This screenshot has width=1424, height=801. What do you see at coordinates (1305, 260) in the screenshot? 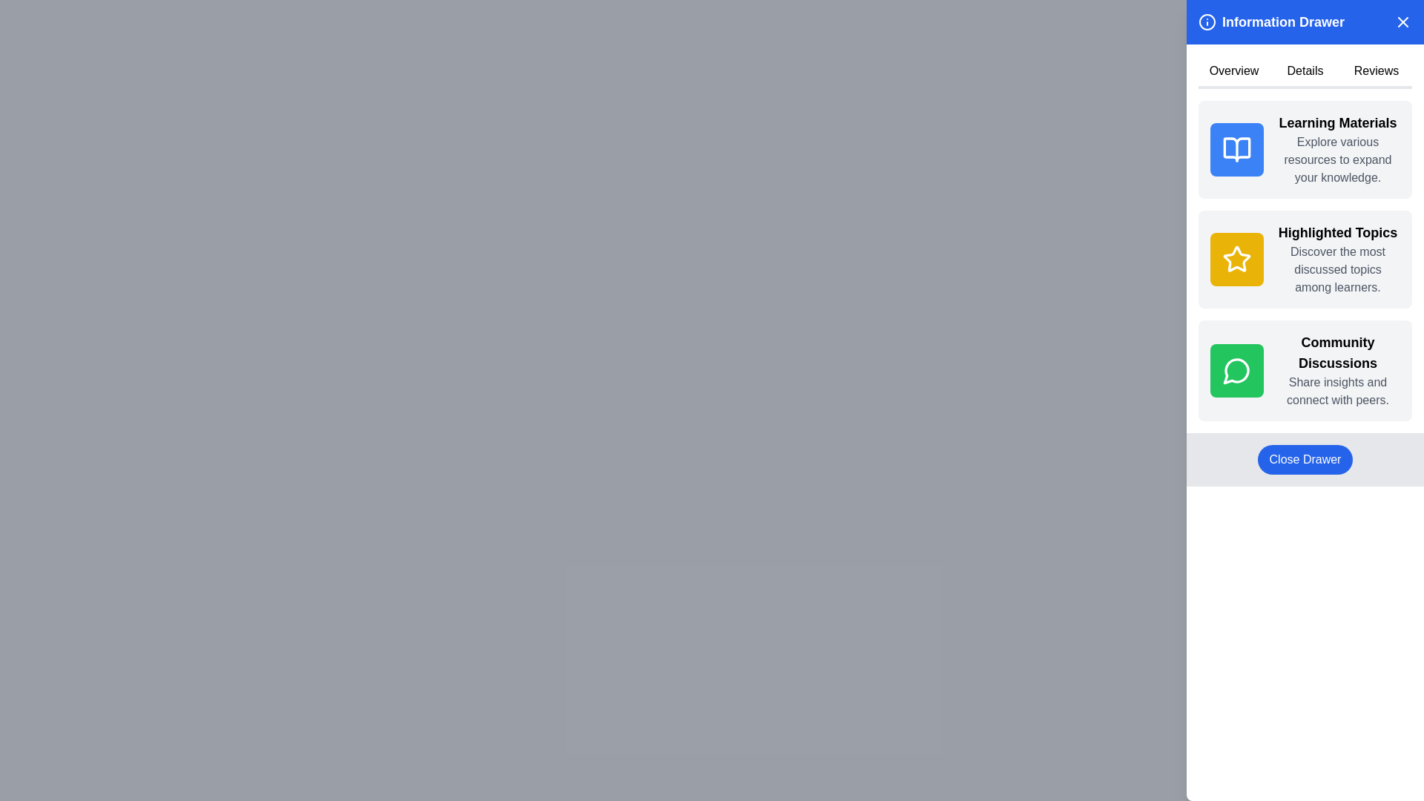
I see `displayed content of the Text and Icon Content Block, which highlights popular topics of discussion, located centrally between 'Learning Materials' and 'Community Discussions'` at bounding box center [1305, 260].